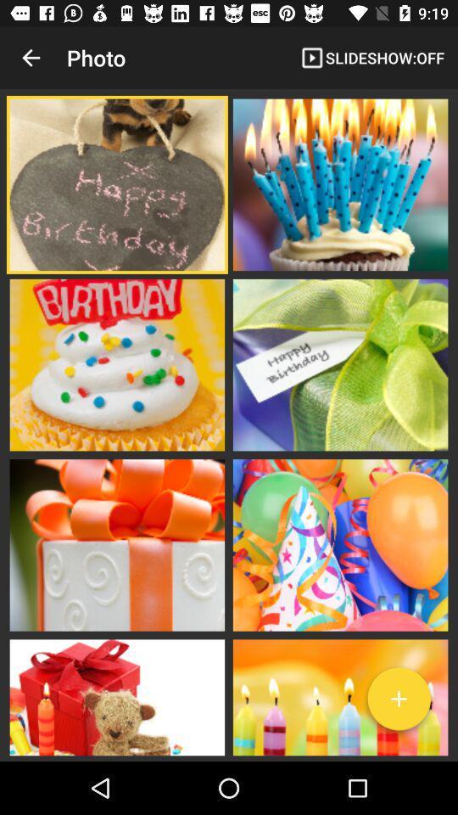 The height and width of the screenshot is (815, 458). What do you see at coordinates (31, 58) in the screenshot?
I see `icon next to photo app` at bounding box center [31, 58].